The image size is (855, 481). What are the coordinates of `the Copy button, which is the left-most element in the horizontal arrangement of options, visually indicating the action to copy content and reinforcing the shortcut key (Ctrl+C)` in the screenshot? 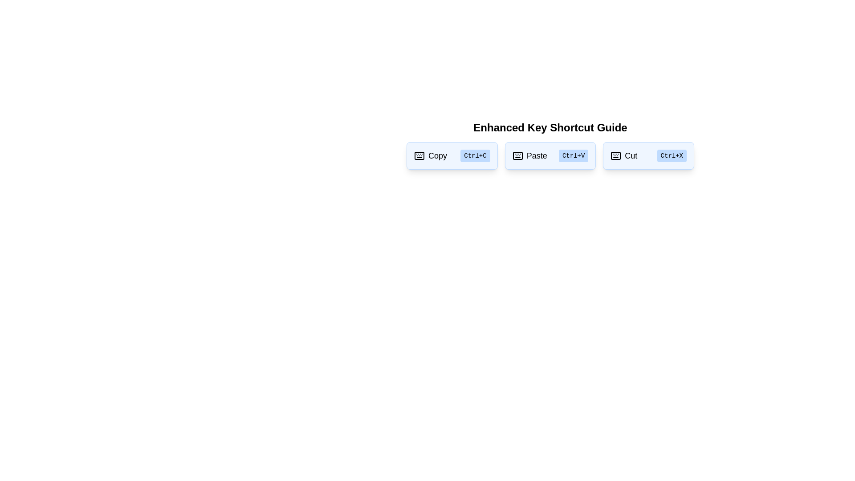 It's located at (430, 155).